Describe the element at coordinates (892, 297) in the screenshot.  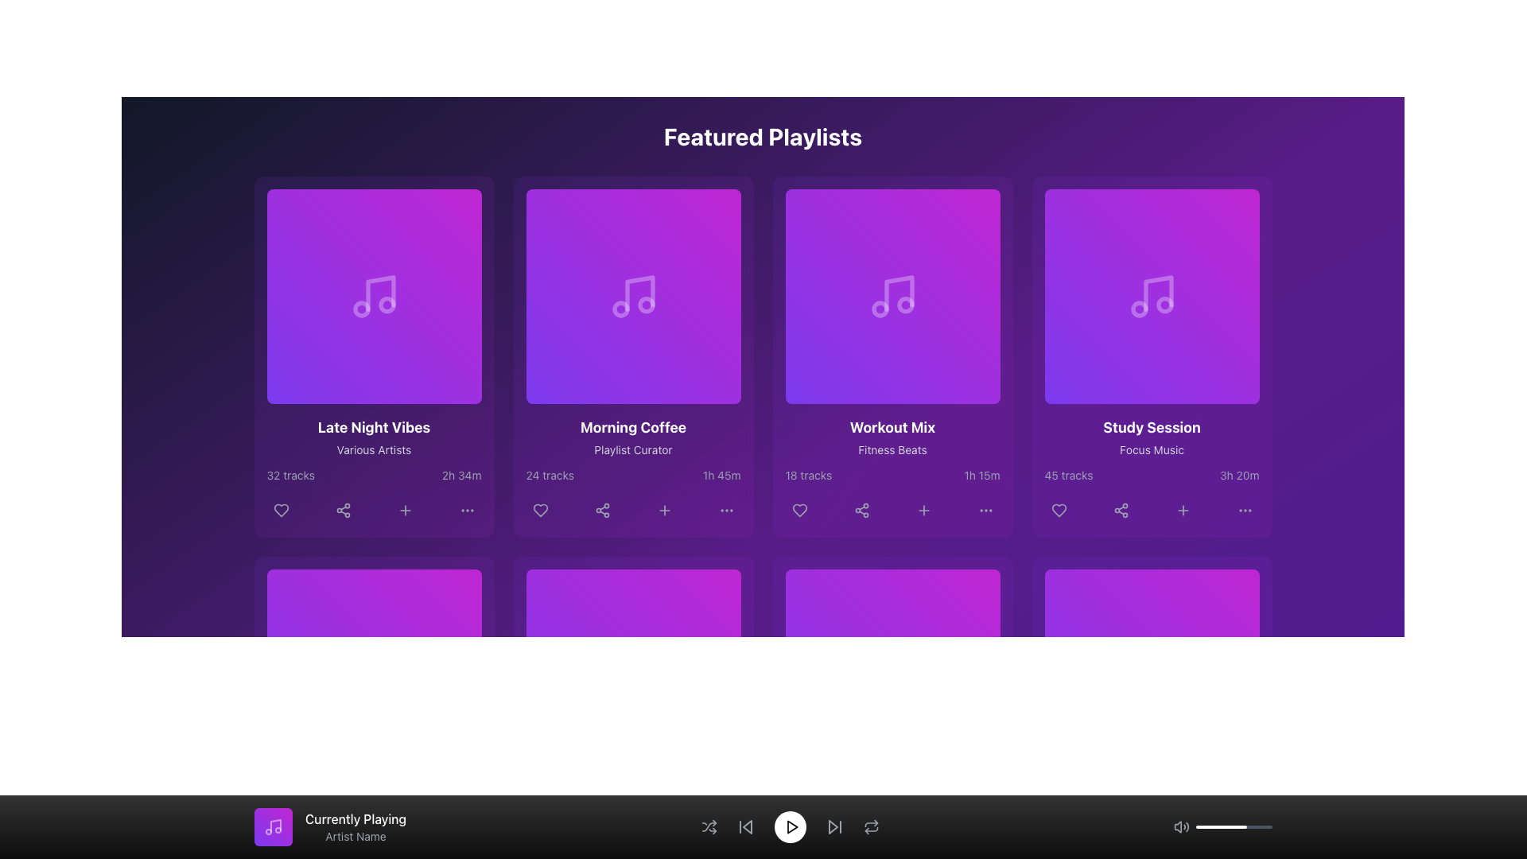
I see `details of the interactive element with the play button located in the second row, third column of the 'Featured Playlists' section` at that location.